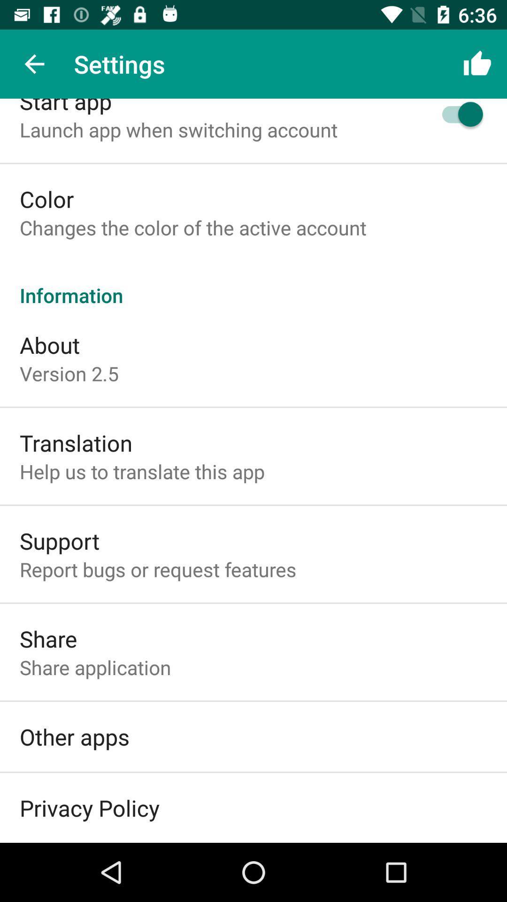  I want to click on item below other apps item, so click(89, 807).